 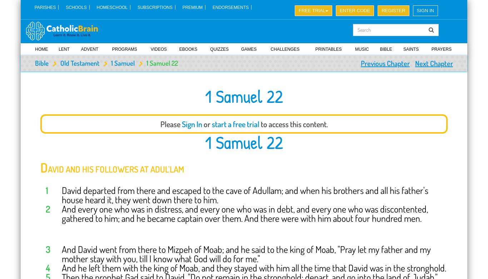 I want to click on 'Previous Chapter', so click(x=385, y=63).